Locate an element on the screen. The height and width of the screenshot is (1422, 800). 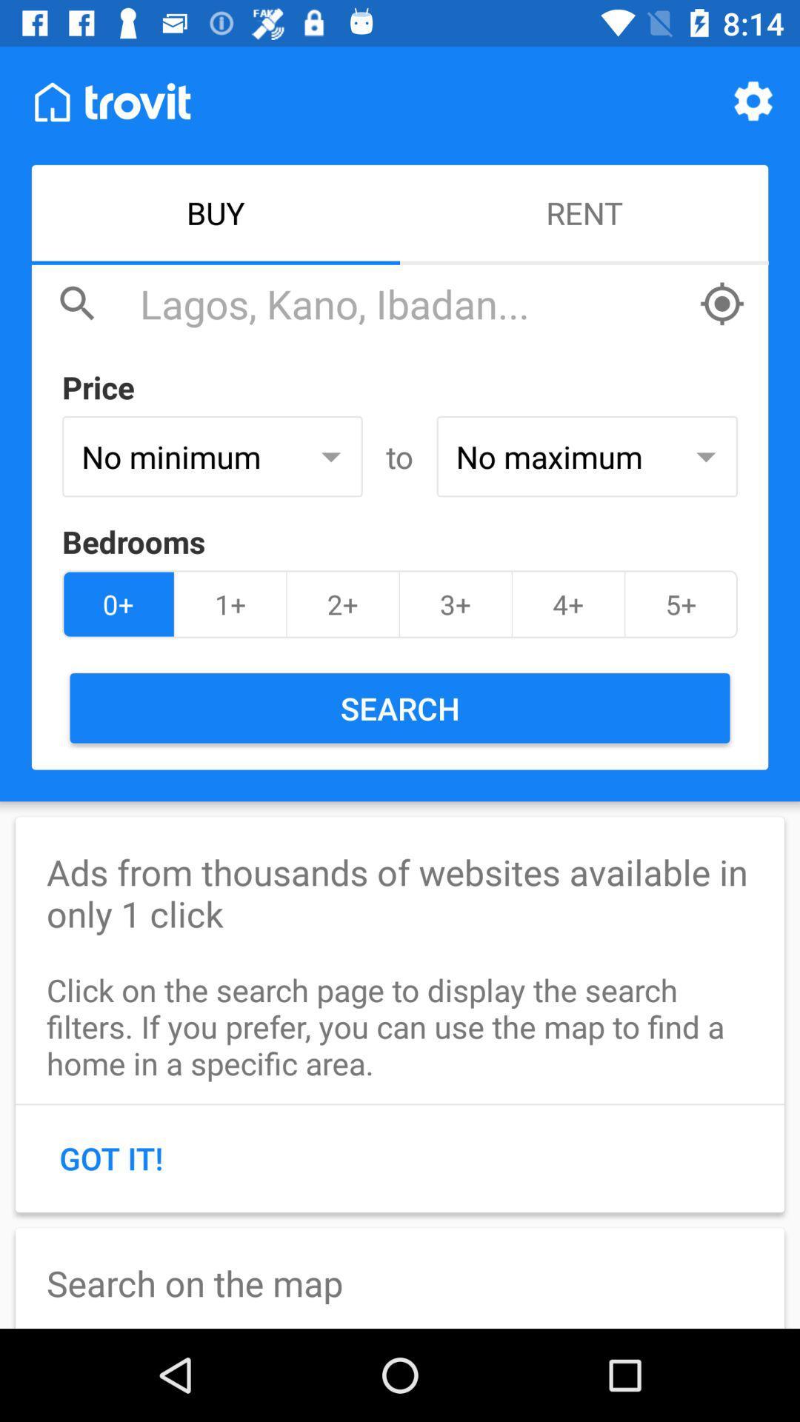
icon below the bedrooms icon is located at coordinates (681, 604).